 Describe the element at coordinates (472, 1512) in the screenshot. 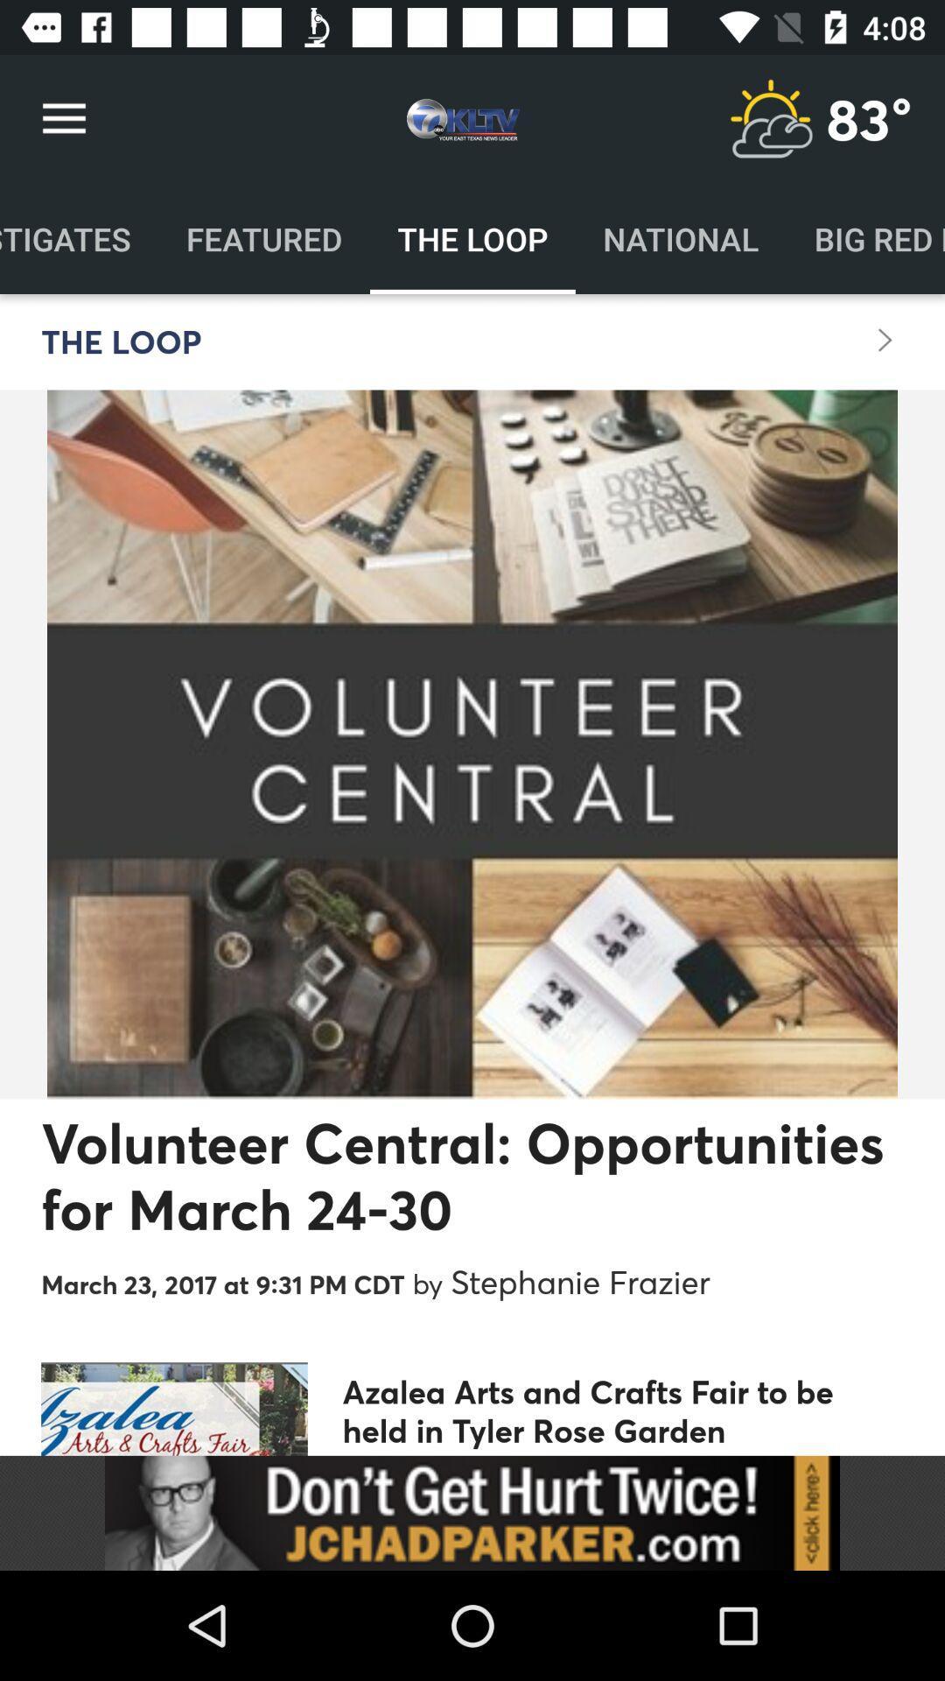

I see `see article` at that location.